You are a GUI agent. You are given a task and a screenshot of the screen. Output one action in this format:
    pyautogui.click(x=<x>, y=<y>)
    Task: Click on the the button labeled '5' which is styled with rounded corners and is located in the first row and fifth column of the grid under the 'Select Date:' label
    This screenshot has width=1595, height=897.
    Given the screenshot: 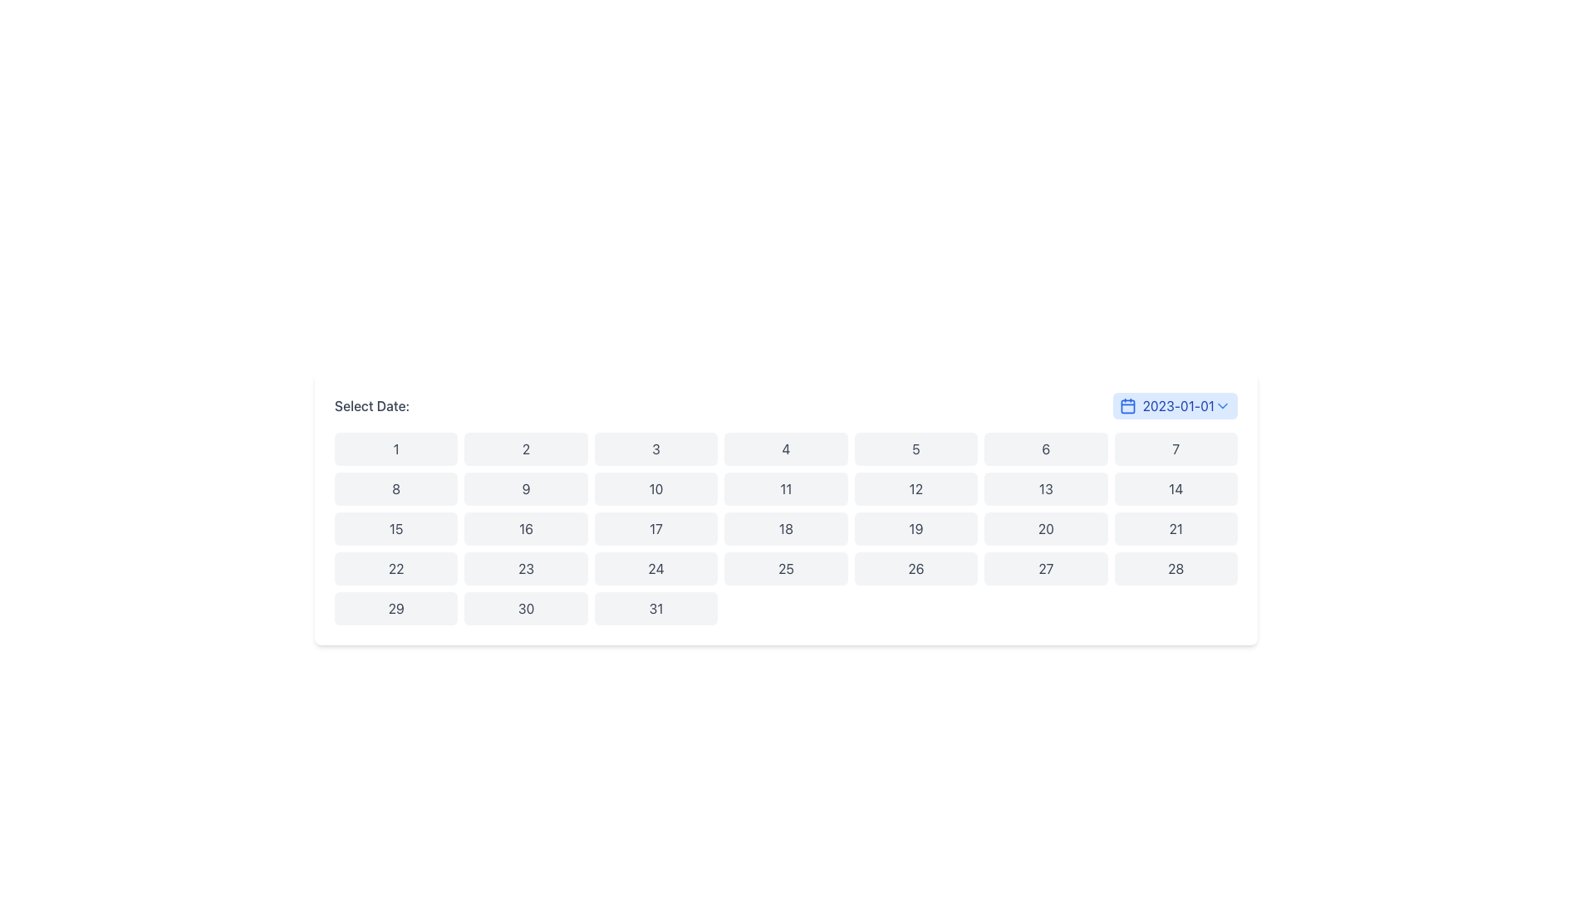 What is the action you would take?
    pyautogui.click(x=915, y=448)
    